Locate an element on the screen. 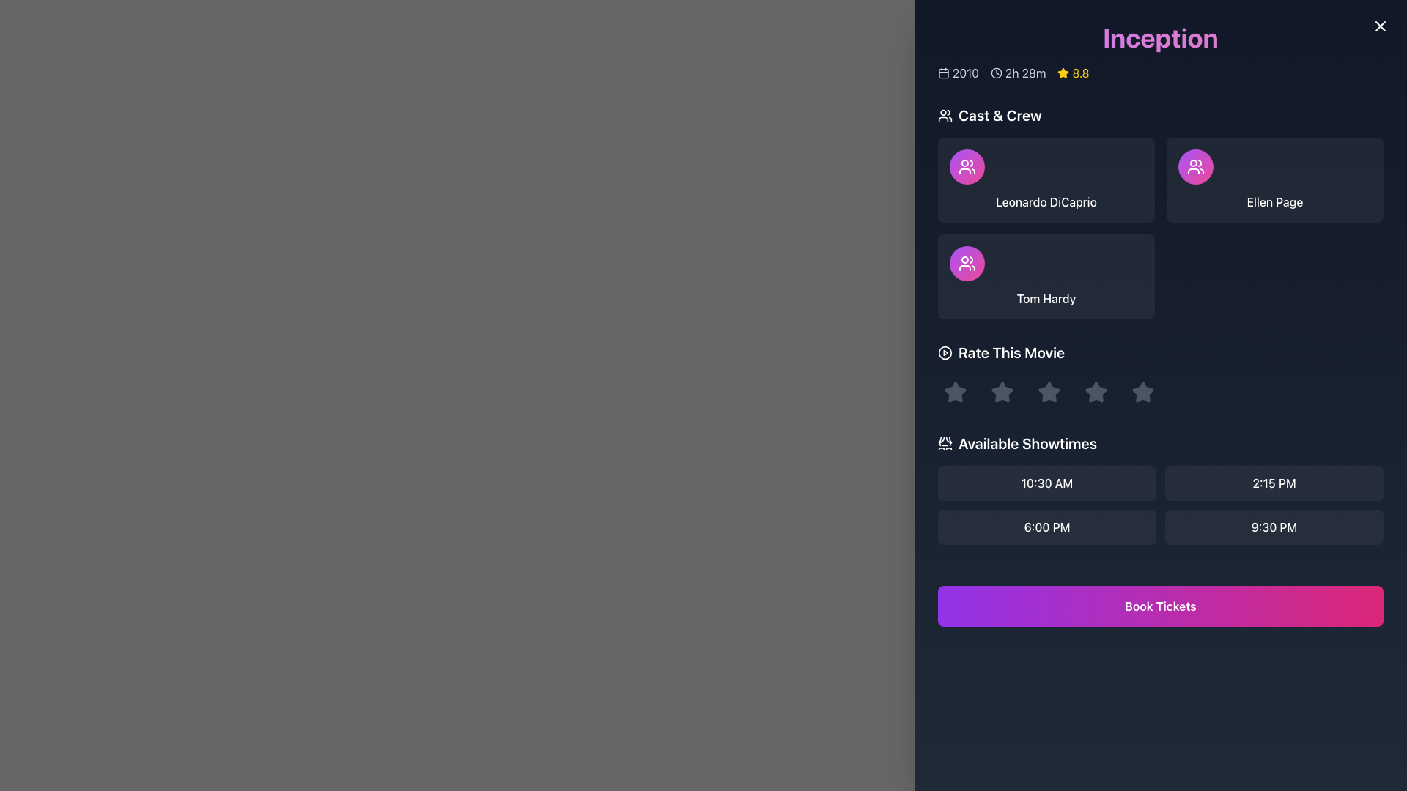 The height and width of the screenshot is (791, 1407). the star icon button located in the lower right section of the dialog interface to rate it is located at coordinates (1142, 392).